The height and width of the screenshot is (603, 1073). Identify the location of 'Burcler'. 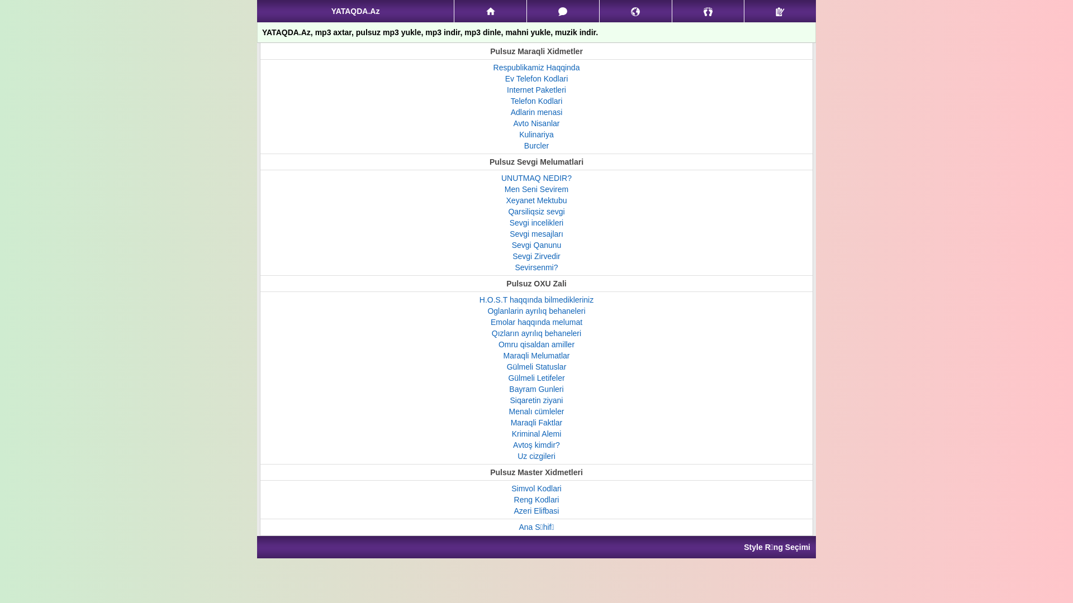
(536, 145).